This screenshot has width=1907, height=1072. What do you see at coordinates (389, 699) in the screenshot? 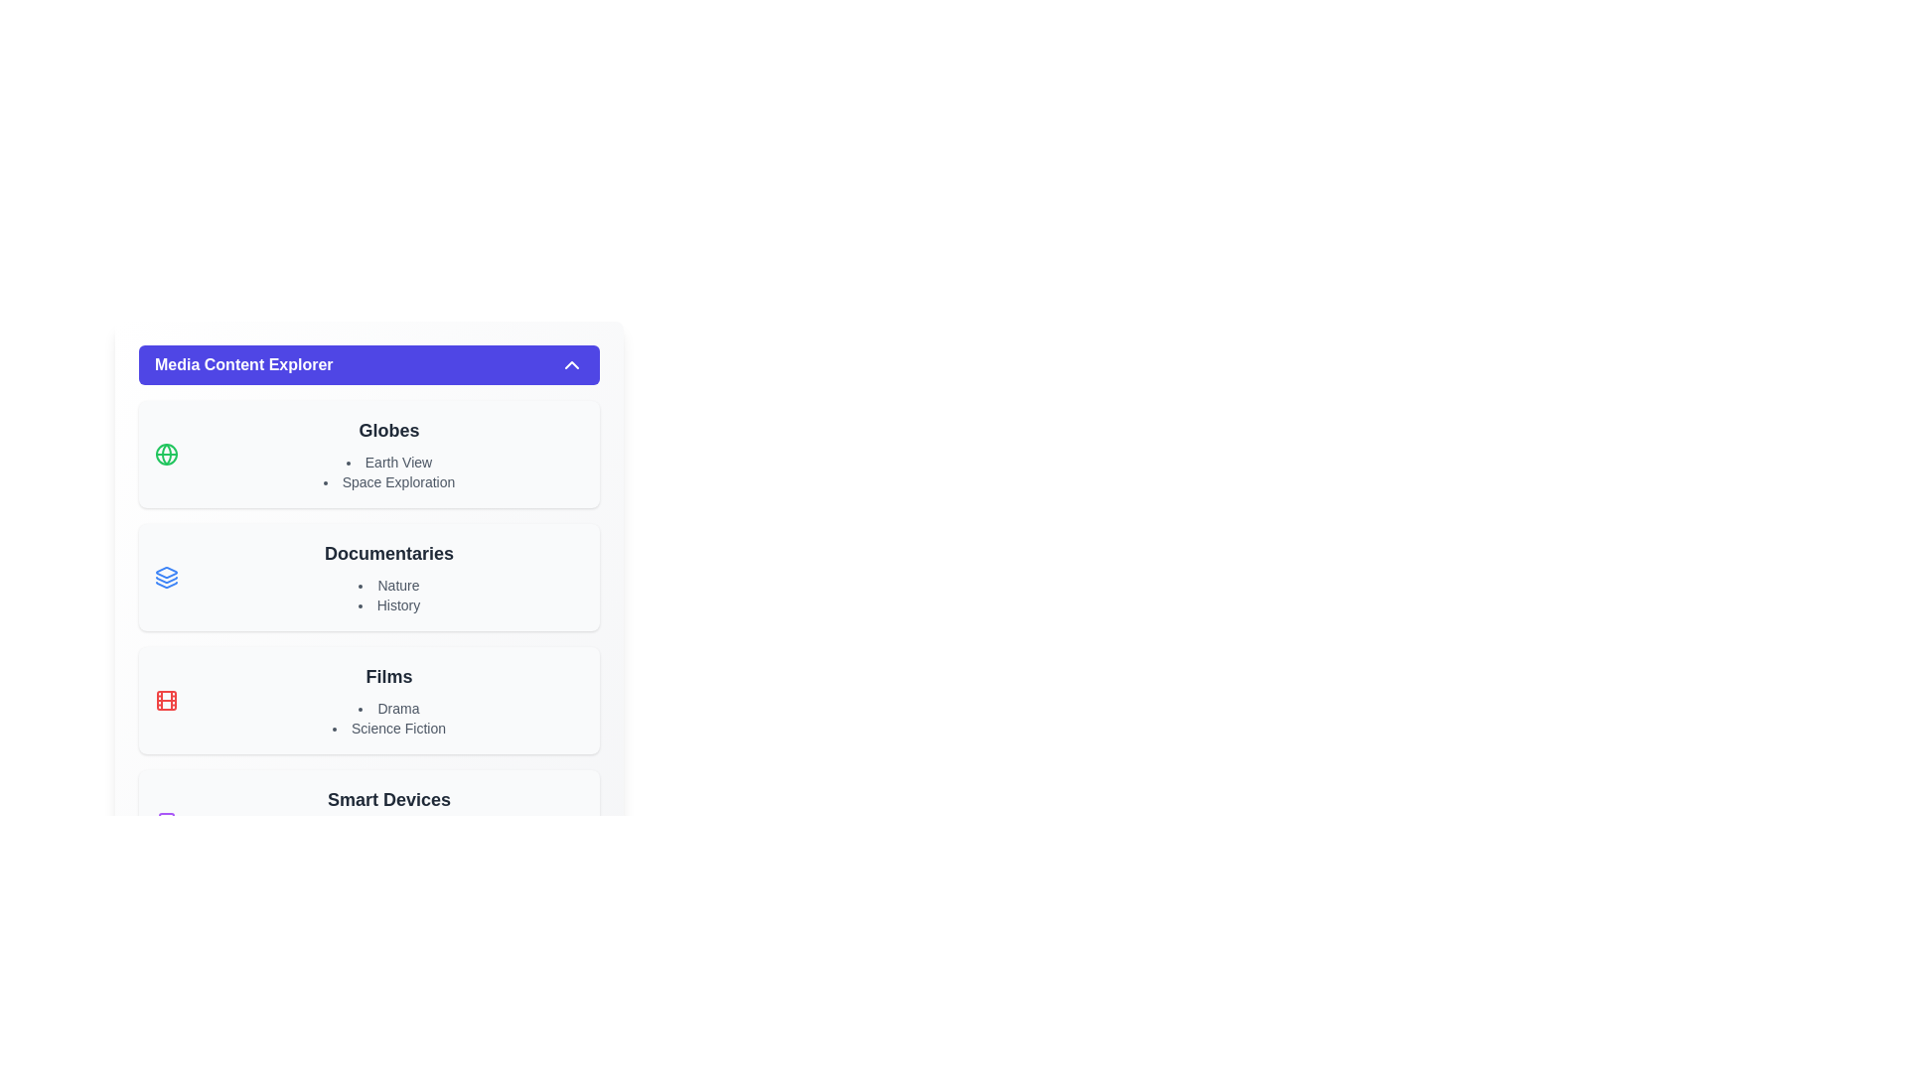
I see `the 'Drama' list item, which is the first bullet point under the 'Films' category in the structured listing` at bounding box center [389, 699].